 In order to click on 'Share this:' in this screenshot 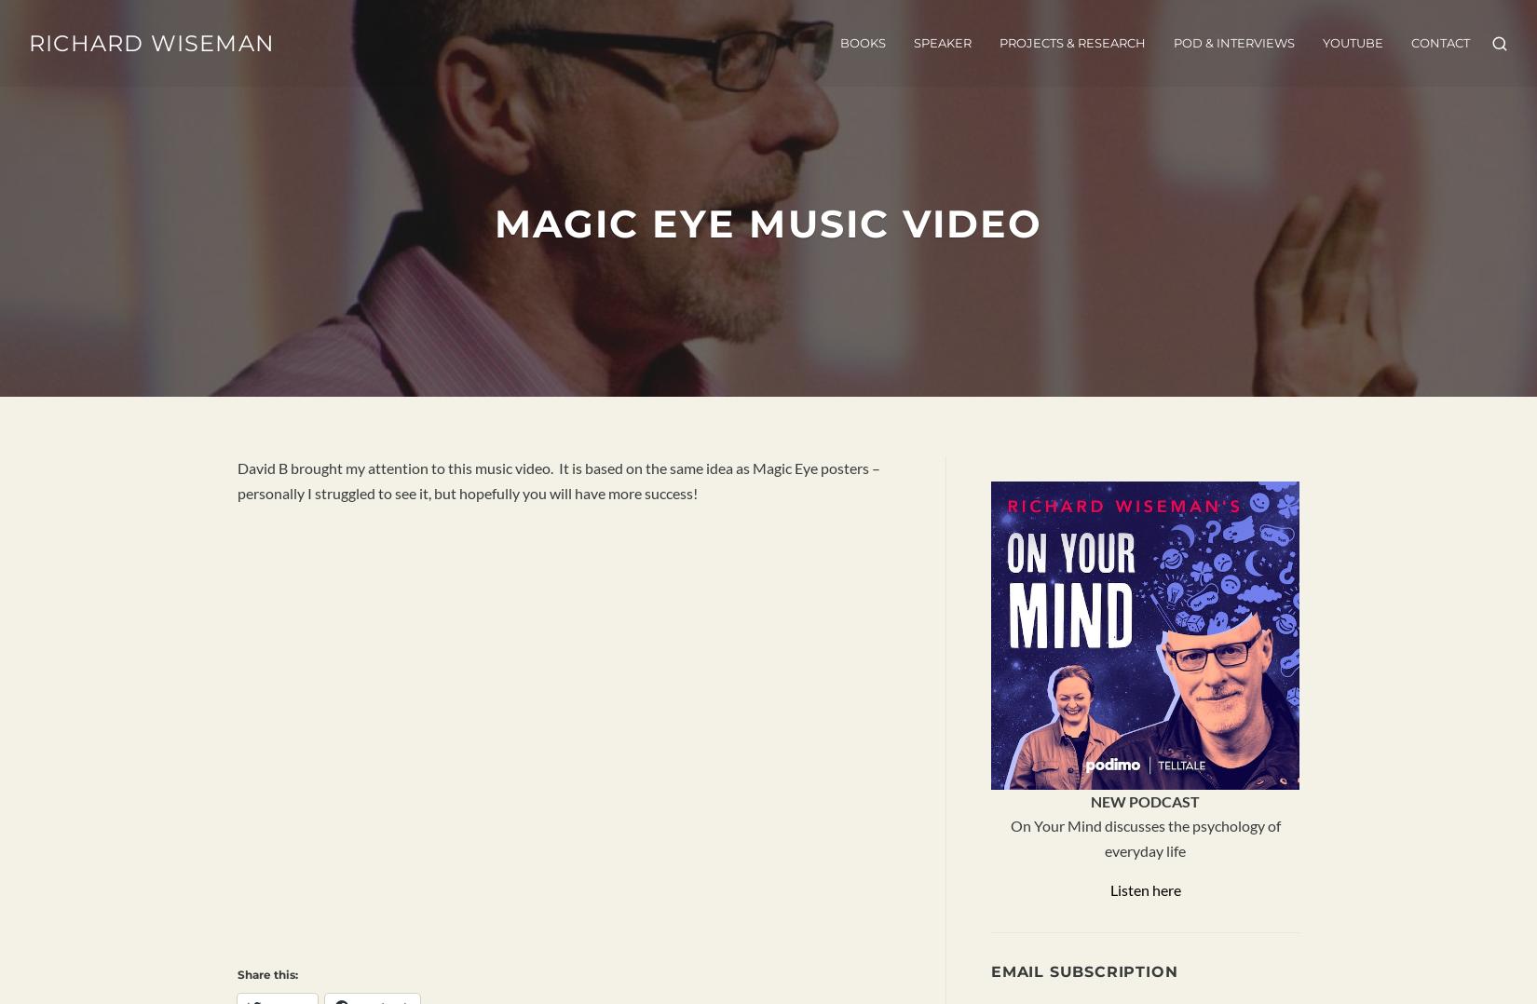, I will do `click(237, 974)`.